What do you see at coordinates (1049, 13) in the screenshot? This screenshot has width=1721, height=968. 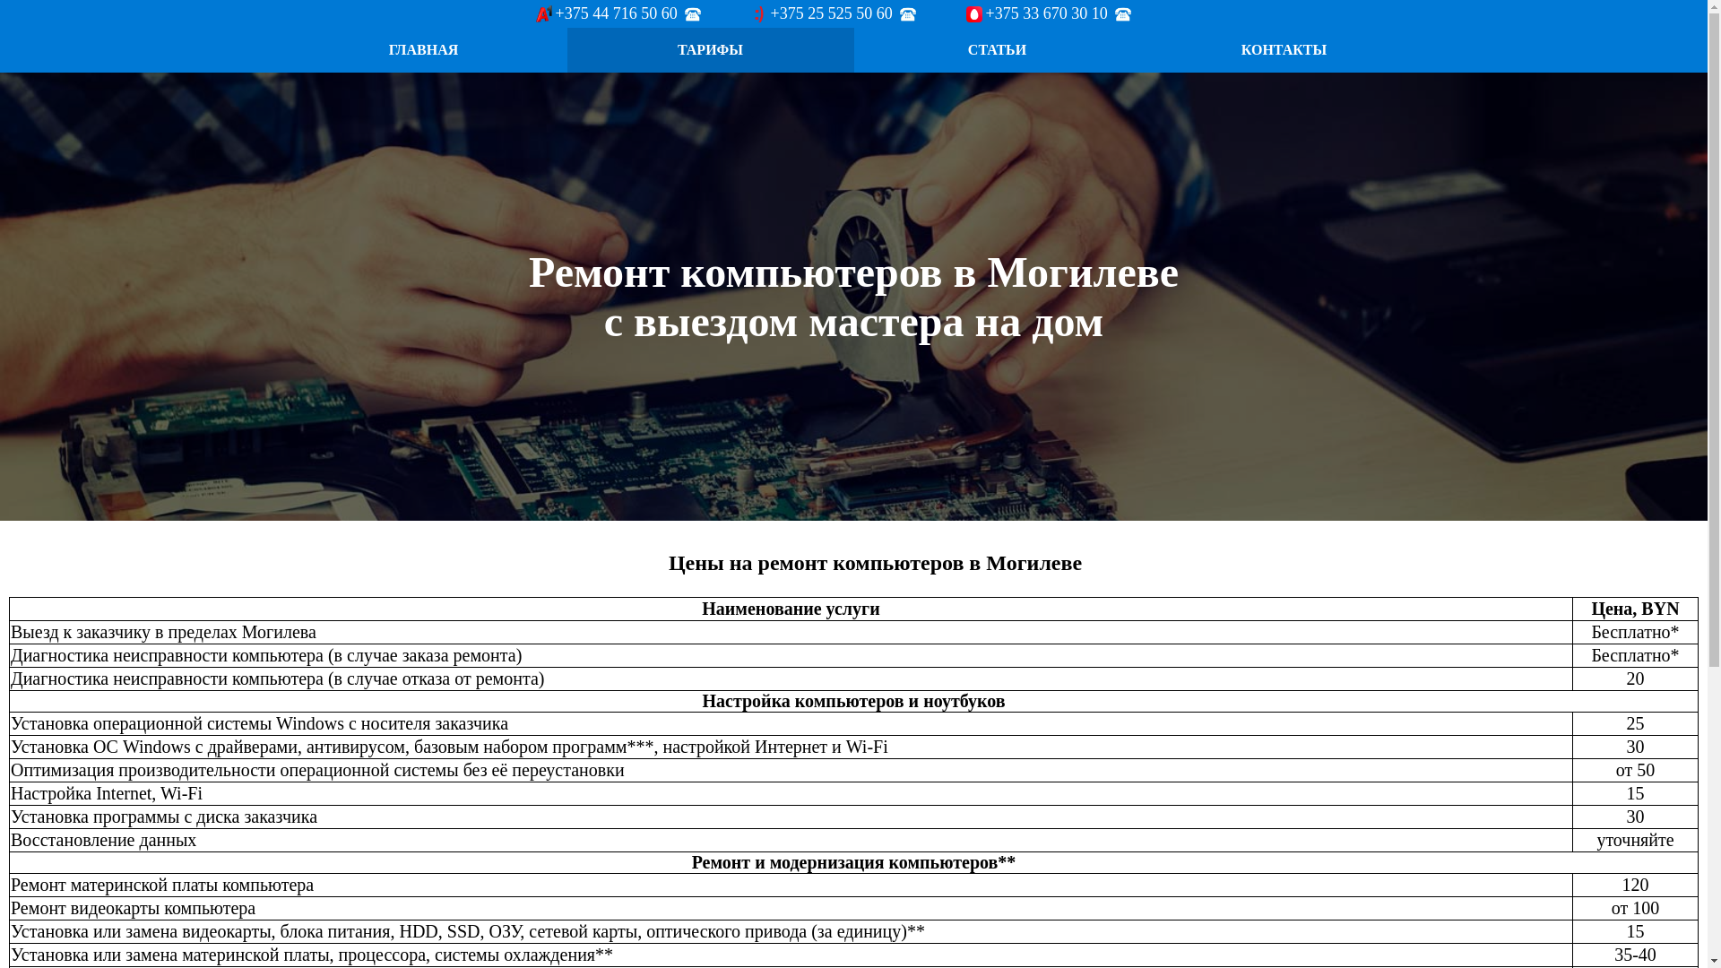 I see `'+375 33 670 30 10'` at bounding box center [1049, 13].